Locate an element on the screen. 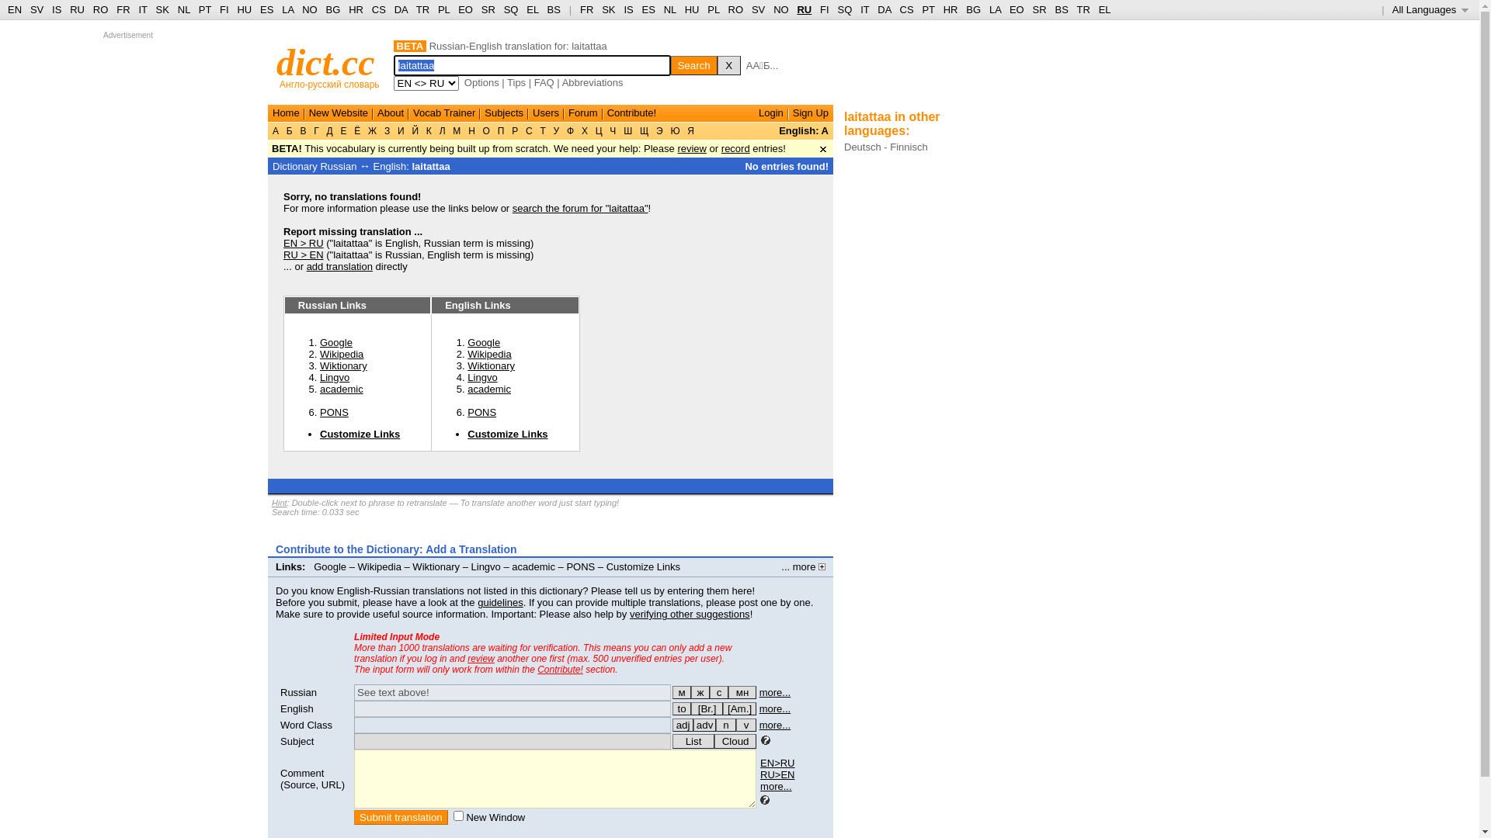 This screenshot has height=838, width=1491. 'Wikipedia' is located at coordinates (488, 354).